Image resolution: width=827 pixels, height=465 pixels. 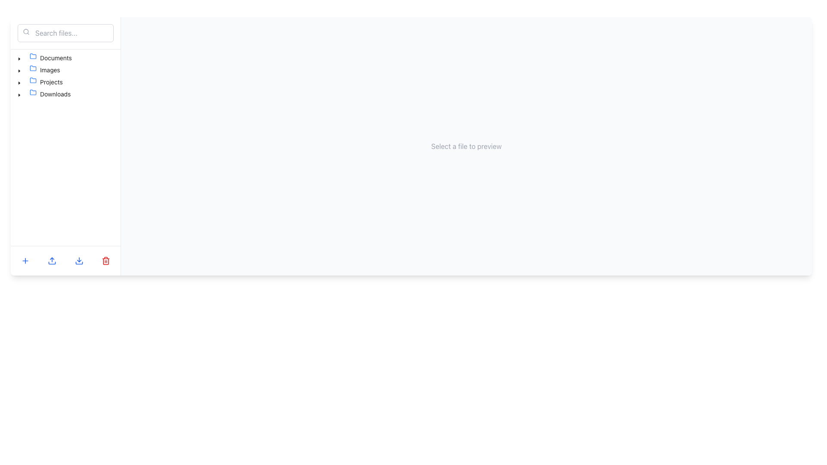 I want to click on the 'Projects' tree node item, which is represented by a blue folder icon and text, so click(x=46, y=82).